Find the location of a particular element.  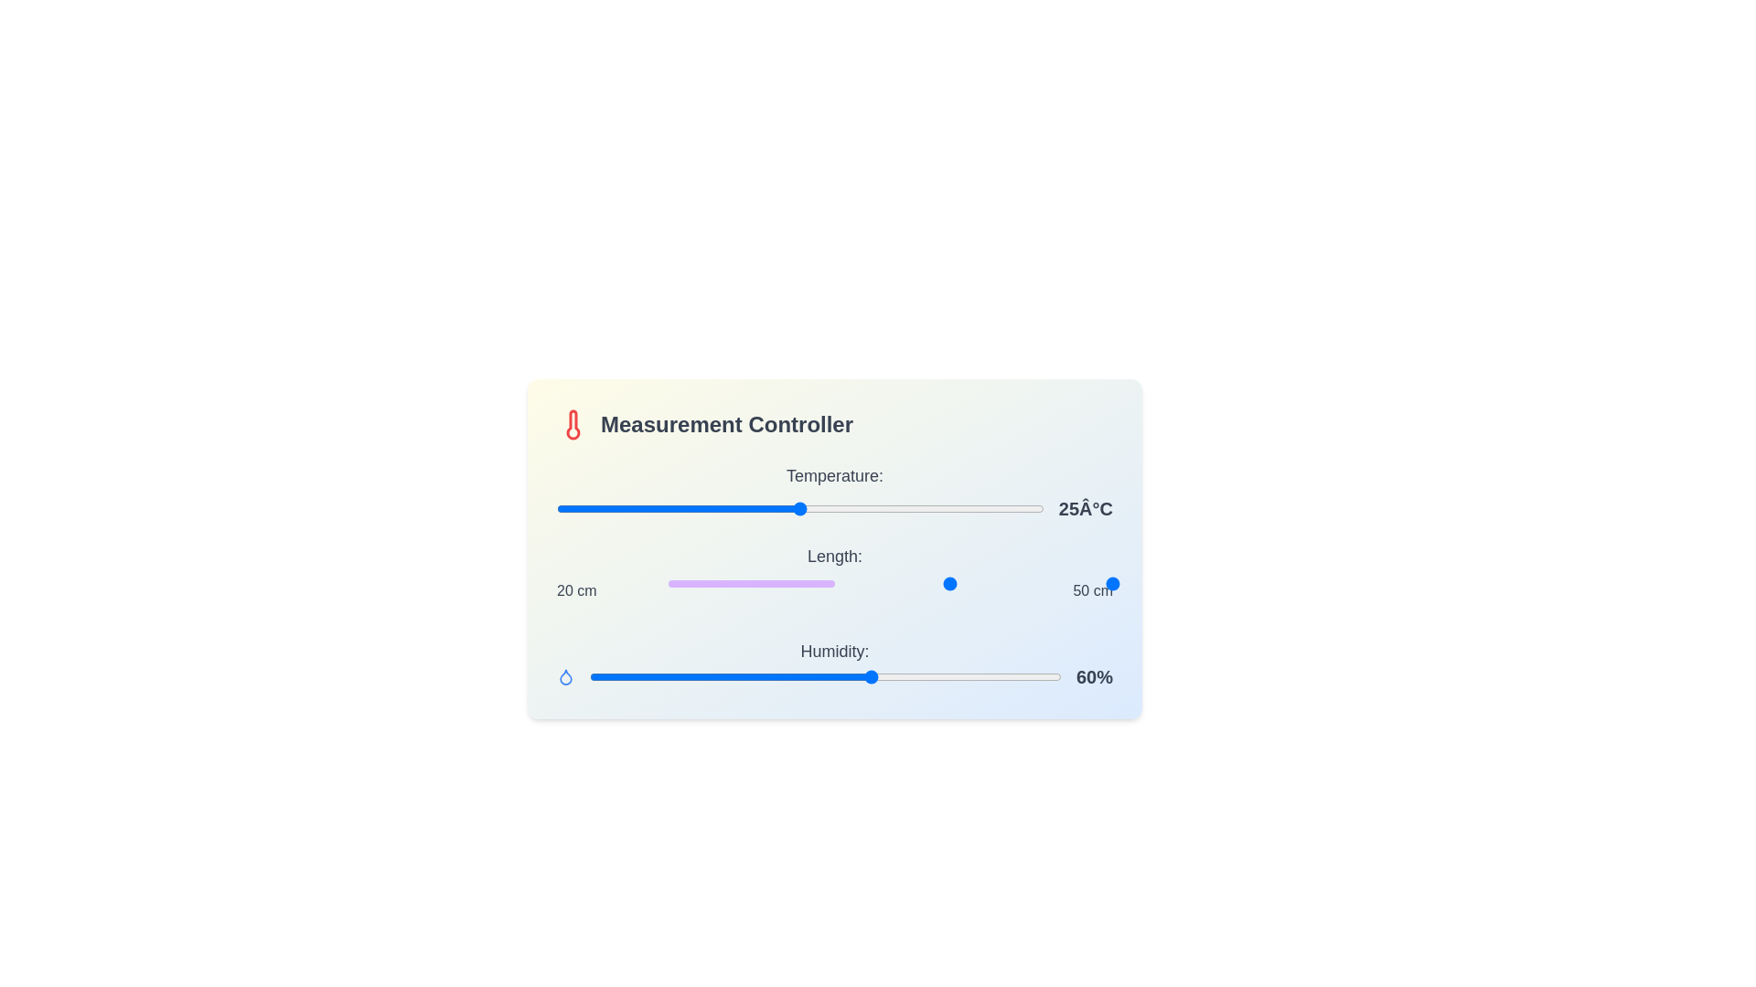

the temperature is located at coordinates (595, 508).